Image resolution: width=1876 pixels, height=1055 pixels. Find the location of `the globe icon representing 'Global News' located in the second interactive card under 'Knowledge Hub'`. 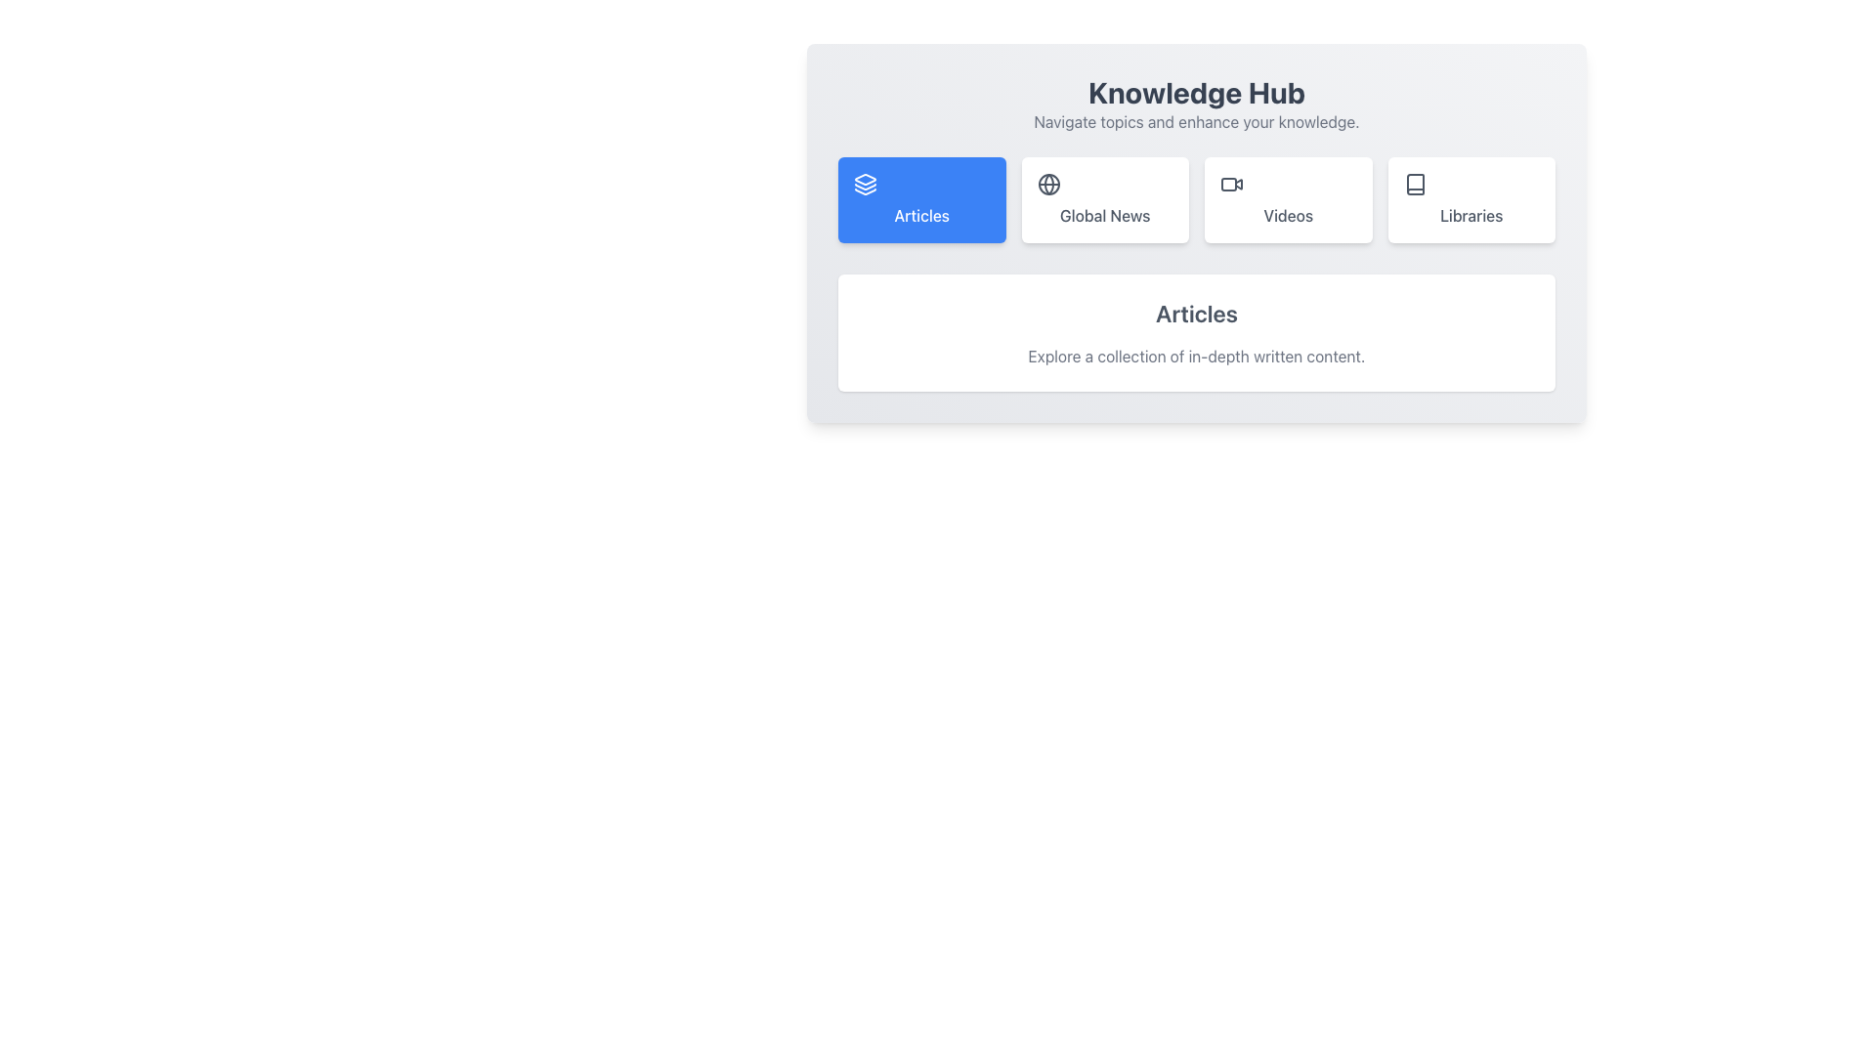

the globe icon representing 'Global News' located in the second interactive card under 'Knowledge Hub' is located at coordinates (1047, 185).